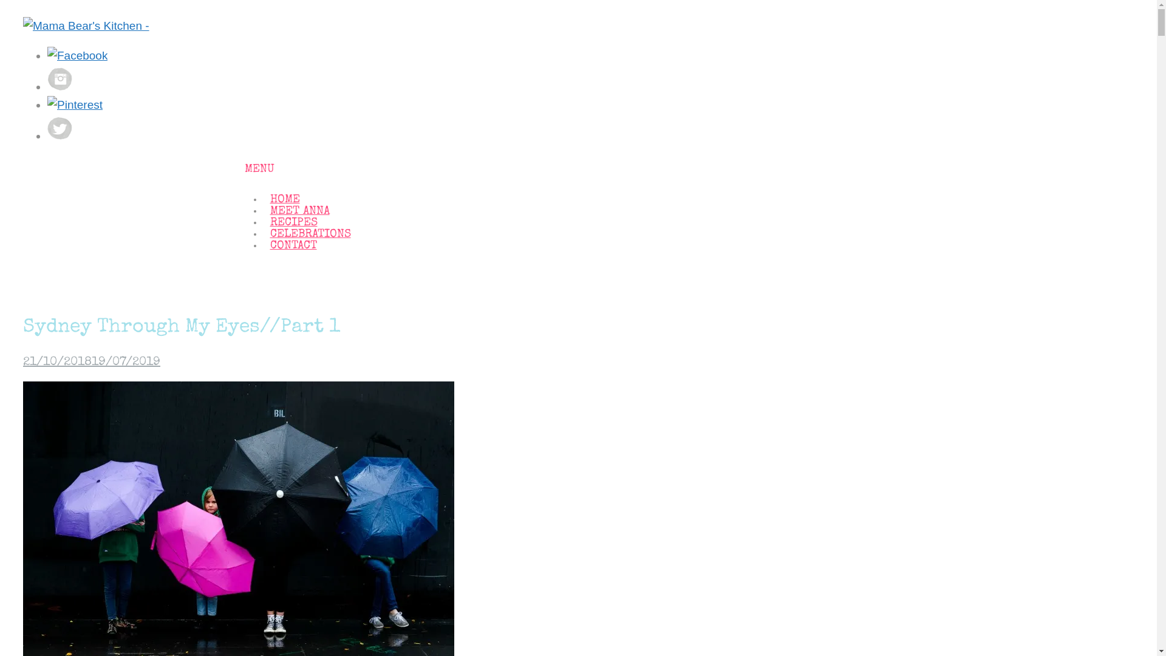  Describe the element at coordinates (299, 211) in the screenshot. I see `'MEET ANNA'` at that location.